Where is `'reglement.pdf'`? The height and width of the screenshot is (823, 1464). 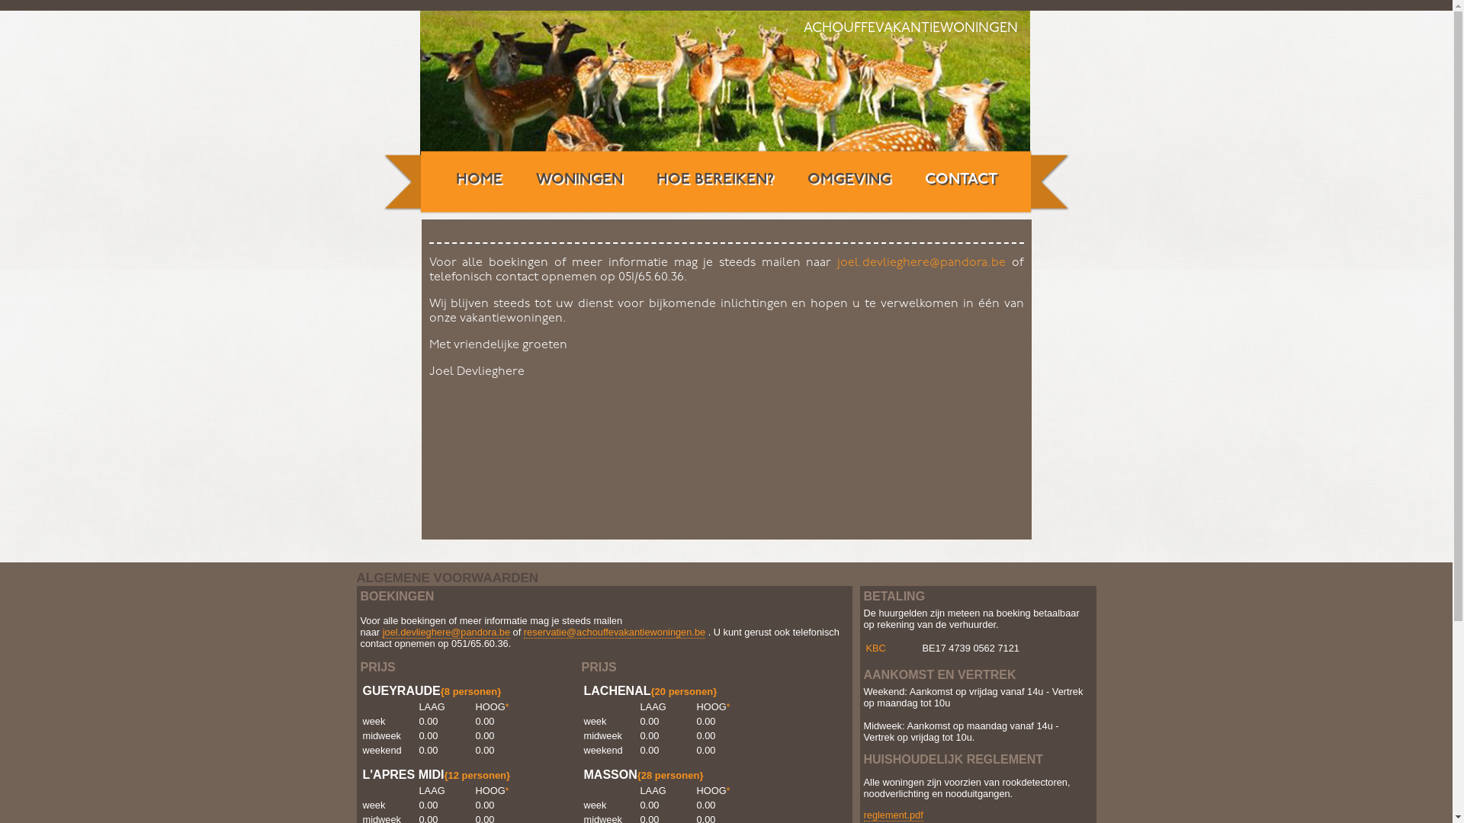
'reglement.pdf' is located at coordinates (893, 814).